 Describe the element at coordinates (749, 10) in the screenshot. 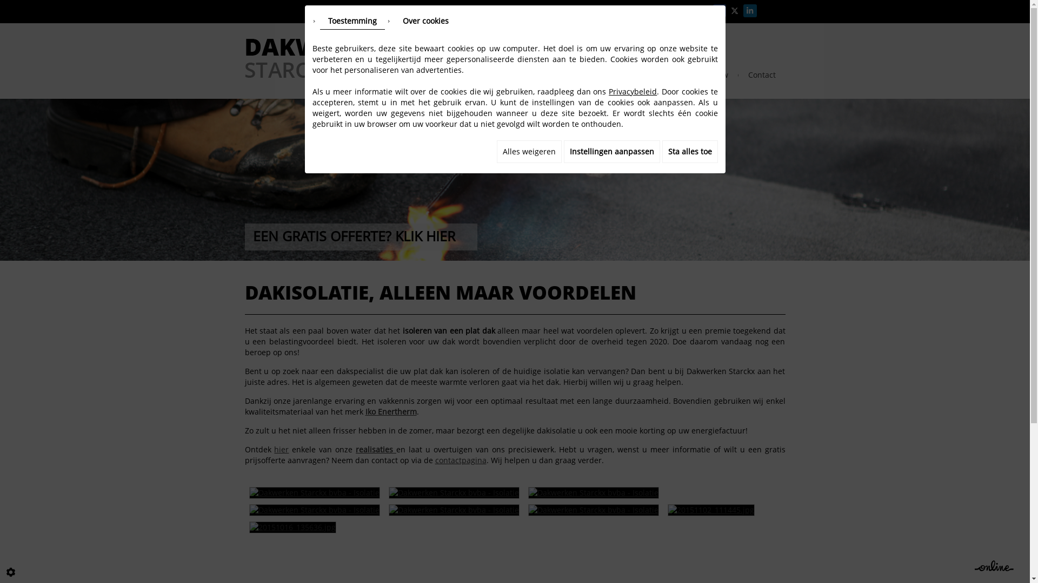

I see `'LinkedIn'` at that location.